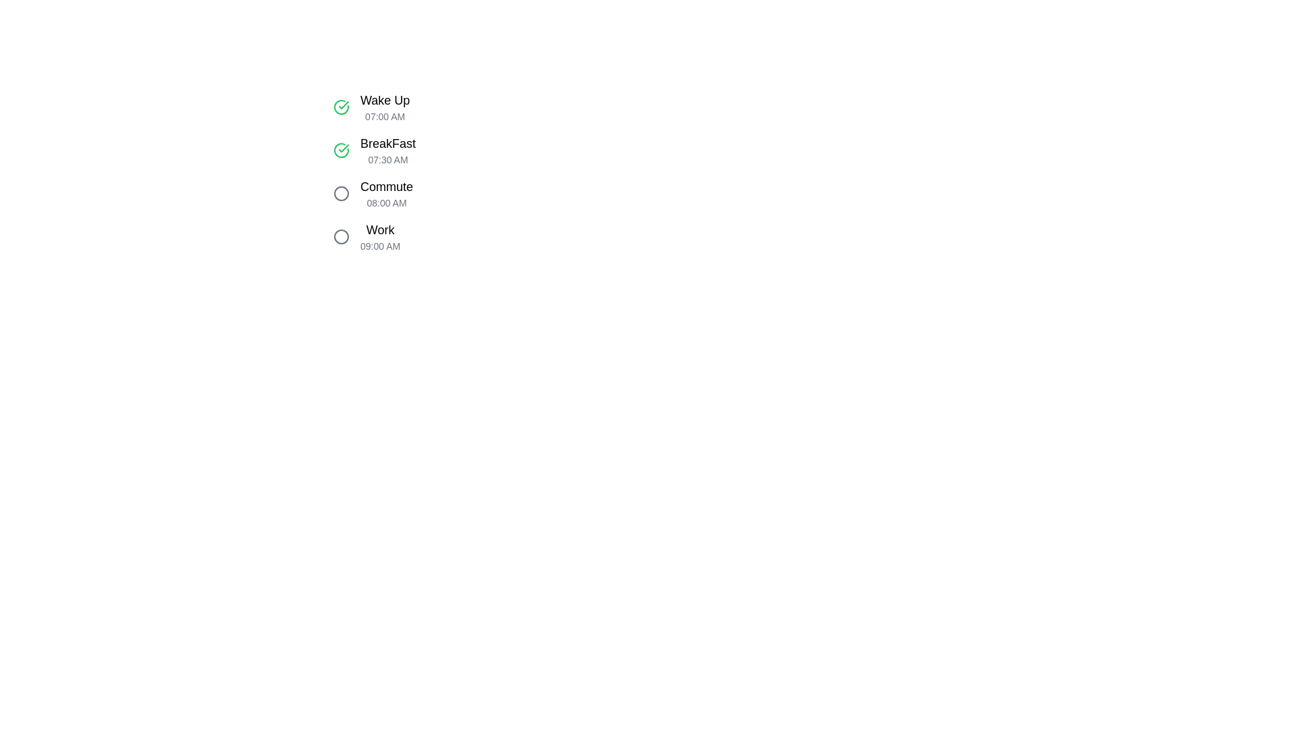  I want to click on the Text Label indicating a wake-up event scheduled at 07:00 AM, positioned to the right of a green circular icon with a checkmark and above the 'BreakFast' text at 07:30 AM, so click(384, 106).